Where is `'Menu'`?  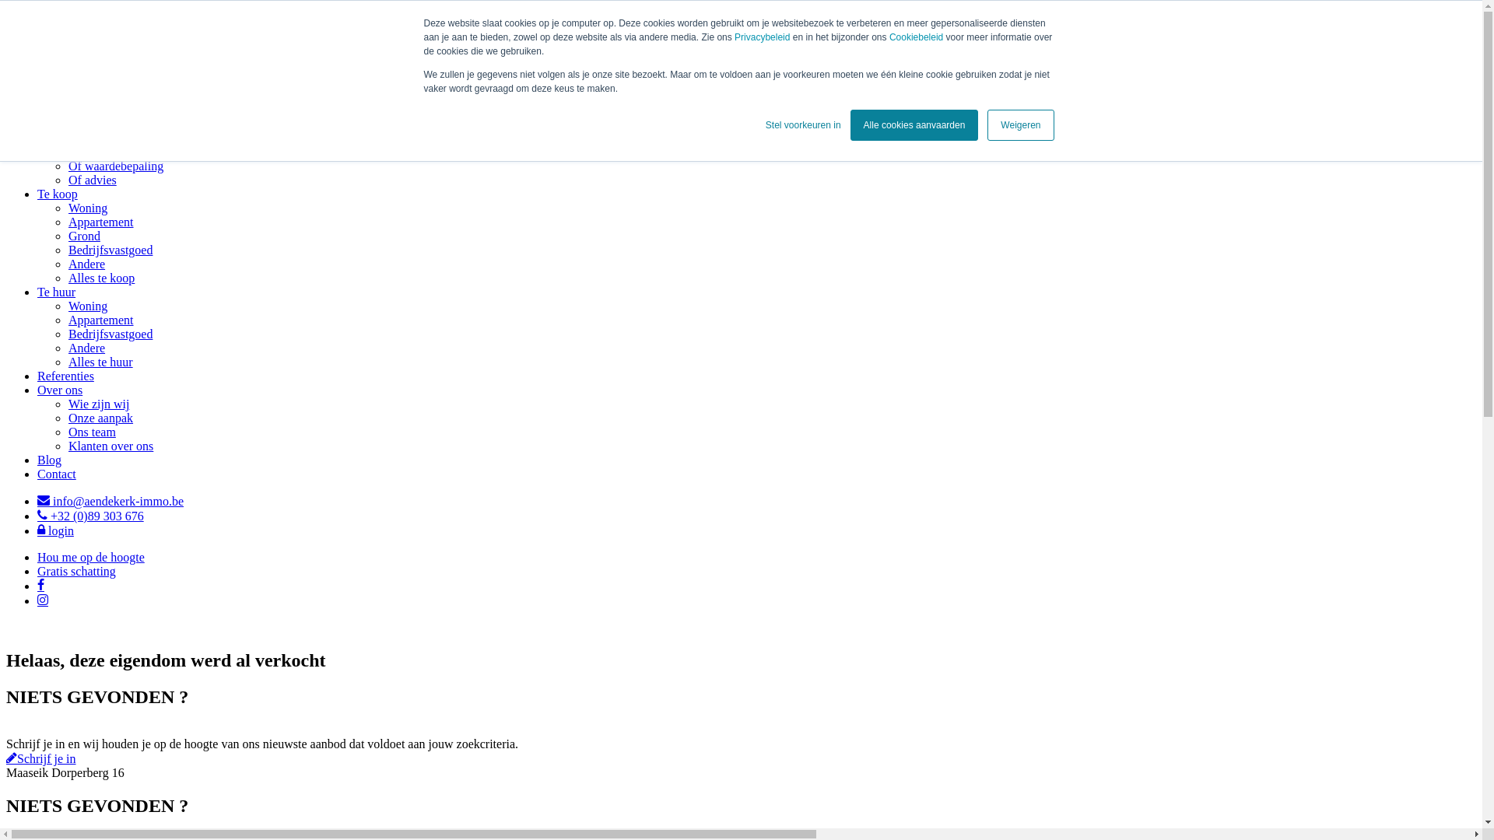 'Menu' is located at coordinates (25, 82).